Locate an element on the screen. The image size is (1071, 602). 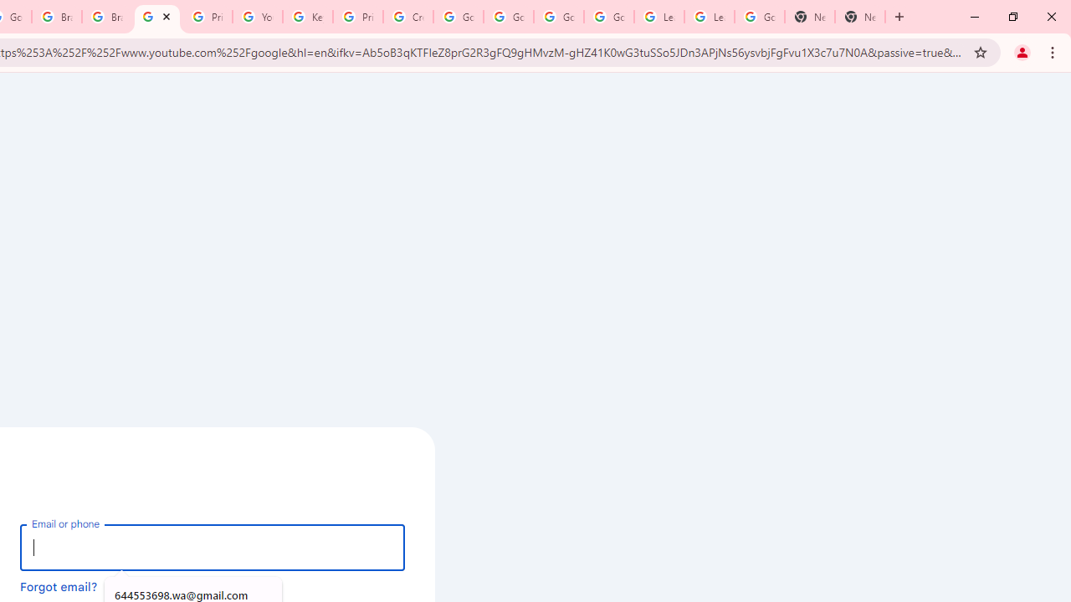
'YouTube' is located at coordinates (256, 17).